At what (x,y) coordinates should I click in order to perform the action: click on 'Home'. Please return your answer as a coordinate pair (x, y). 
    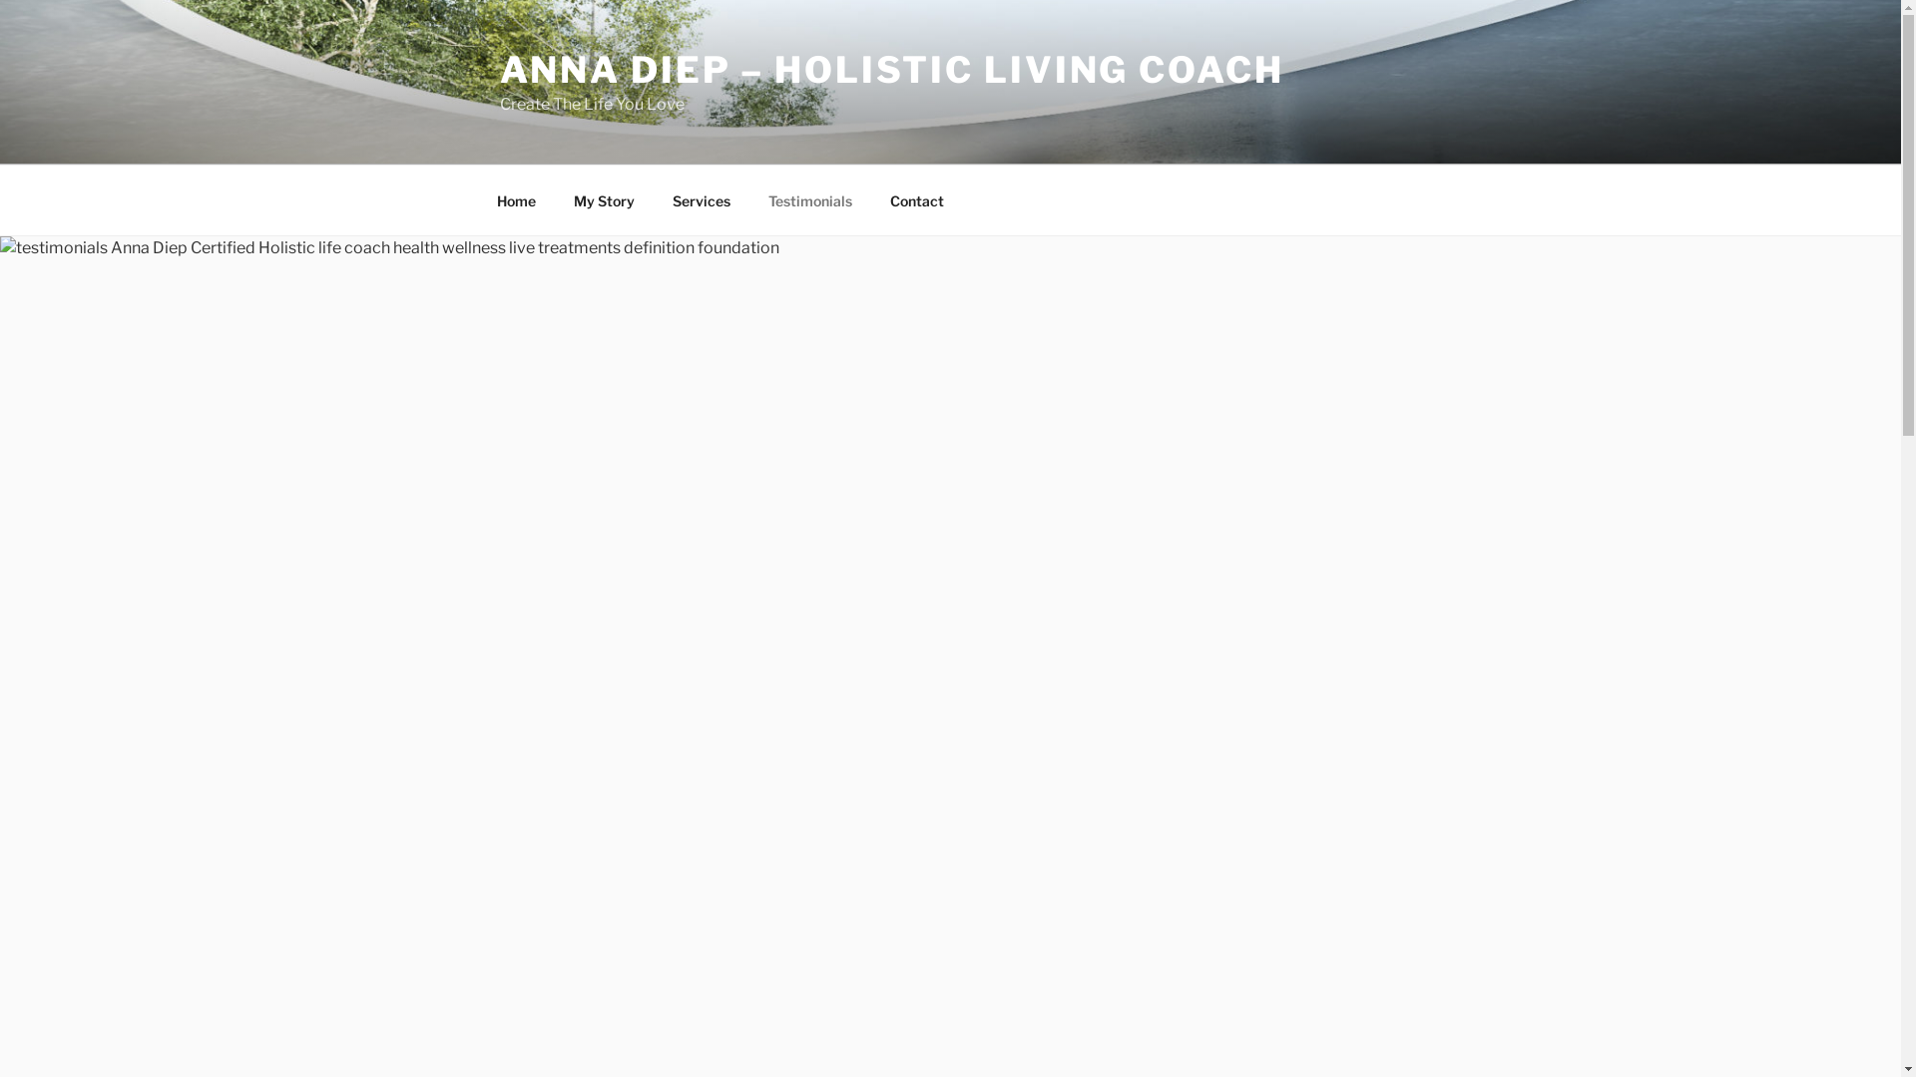
    Looking at the image, I should click on (516, 199).